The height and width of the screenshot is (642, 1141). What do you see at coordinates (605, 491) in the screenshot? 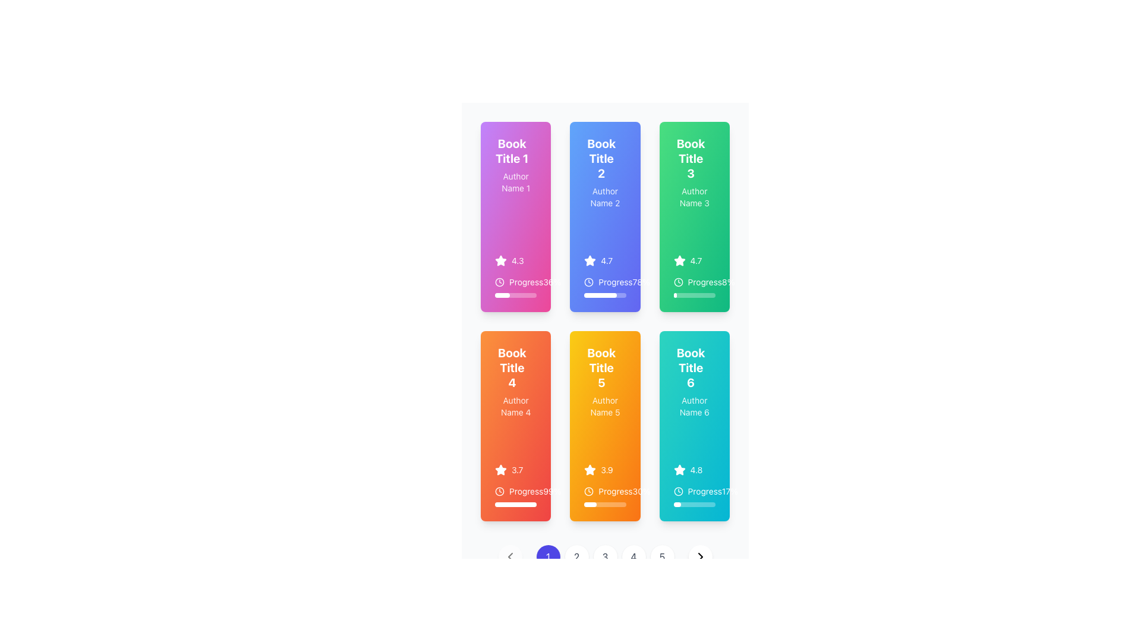
I see `the text label displaying 'Progress30%' with a clock icon, located within the 'Book Title 5' card, which is positioned on an orange background in the second row, middle column of the grid layout` at bounding box center [605, 491].